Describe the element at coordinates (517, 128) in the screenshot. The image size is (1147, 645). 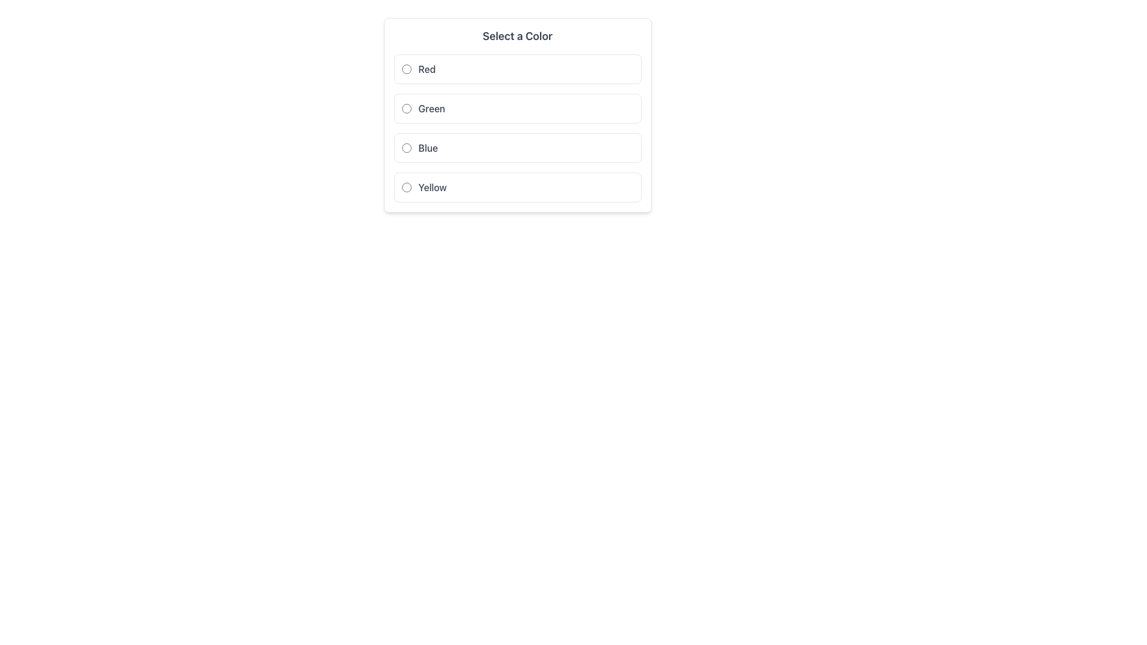
I see `the group of labeled radio buttons for color selection` at that location.